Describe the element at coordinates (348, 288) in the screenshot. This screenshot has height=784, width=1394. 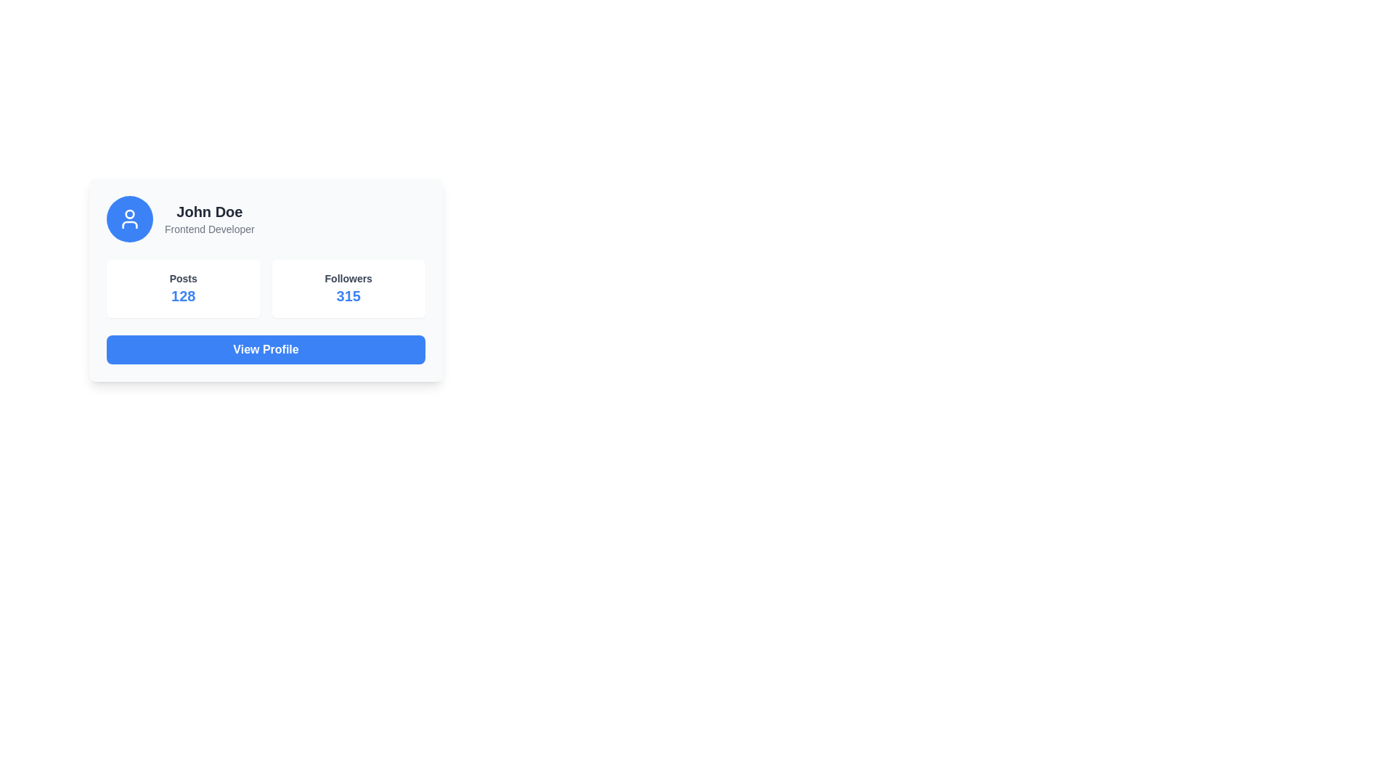
I see `the informational card displaying 'Followers 315', which has a white background, rounded borders, and a subtle shadow, positioned in the bottom-right section of a two-column grid` at that location.